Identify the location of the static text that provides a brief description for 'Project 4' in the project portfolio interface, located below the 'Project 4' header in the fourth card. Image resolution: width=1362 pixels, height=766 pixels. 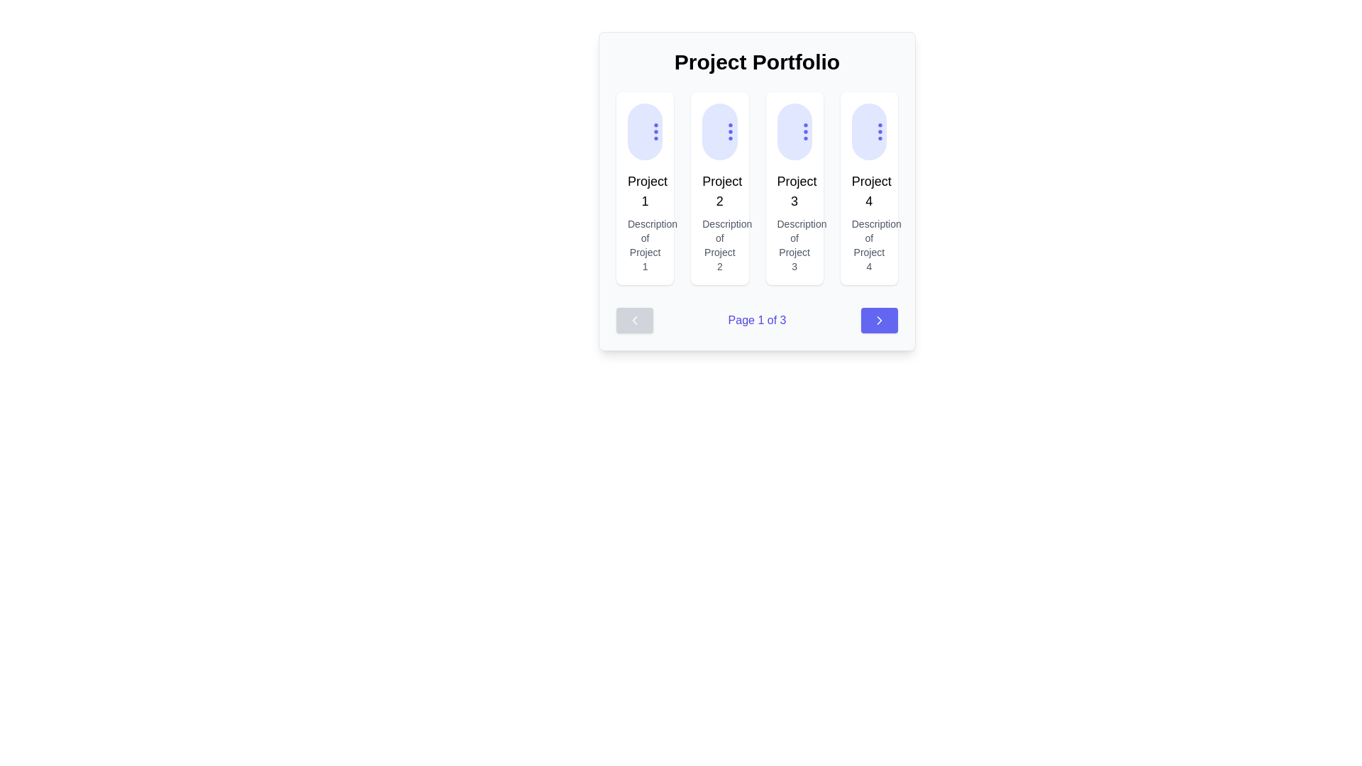
(868, 245).